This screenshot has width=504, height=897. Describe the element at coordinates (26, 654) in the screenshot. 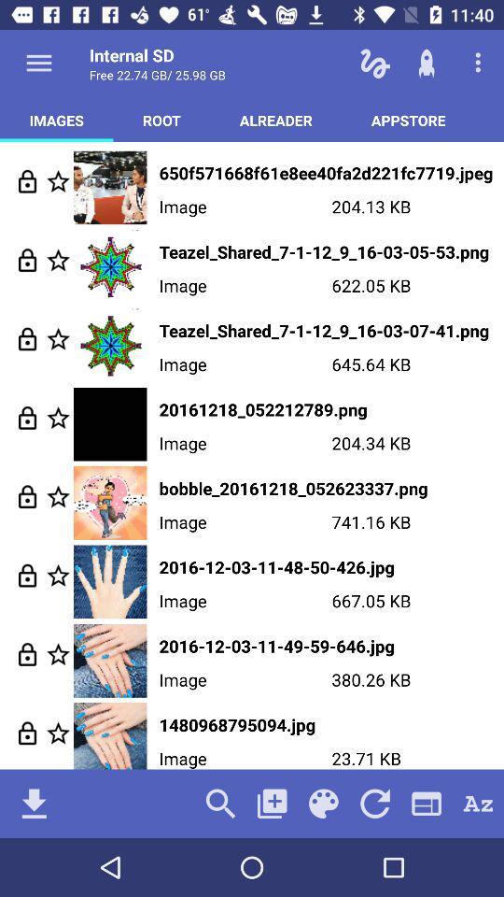

I see `lock image` at that location.